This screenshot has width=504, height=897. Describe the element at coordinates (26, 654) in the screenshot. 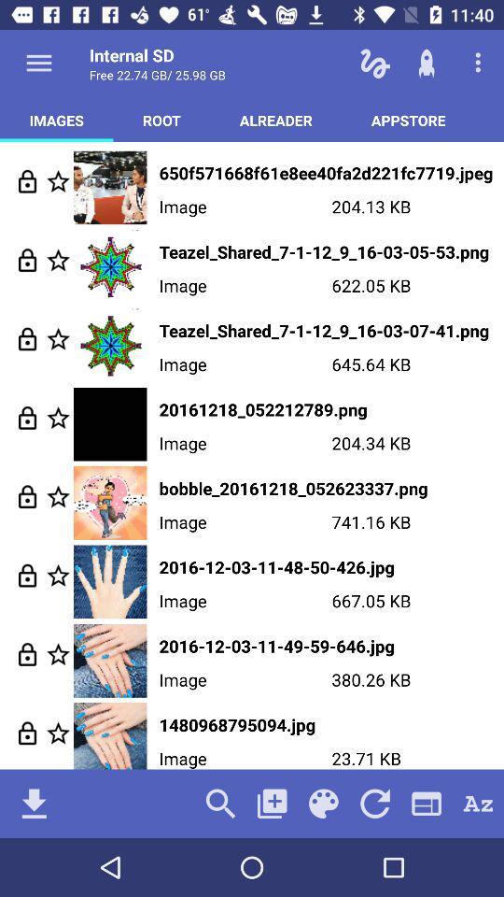

I see `lock image` at that location.